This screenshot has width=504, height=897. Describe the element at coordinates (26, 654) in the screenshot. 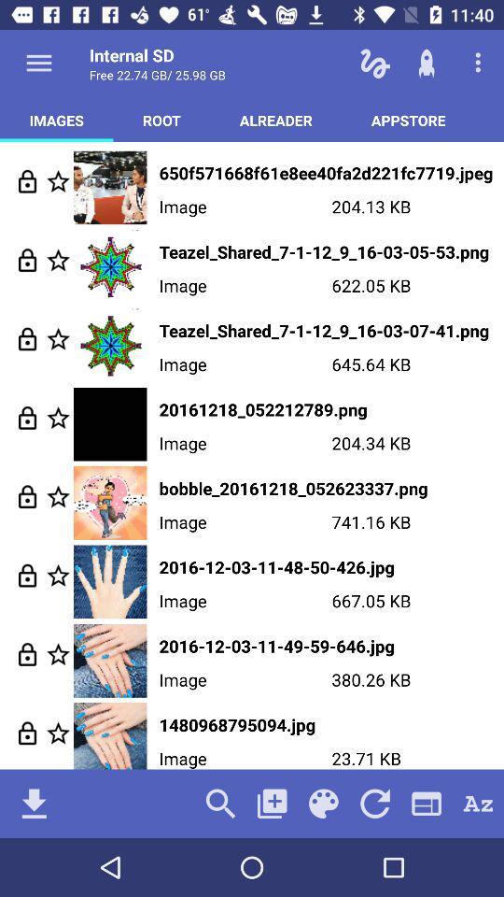

I see `lock image` at that location.